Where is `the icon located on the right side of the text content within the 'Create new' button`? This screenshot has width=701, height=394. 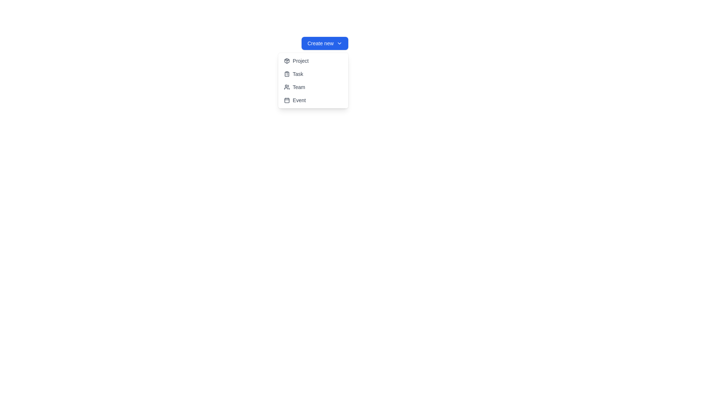
the icon located on the right side of the text content within the 'Create new' button is located at coordinates (339, 43).